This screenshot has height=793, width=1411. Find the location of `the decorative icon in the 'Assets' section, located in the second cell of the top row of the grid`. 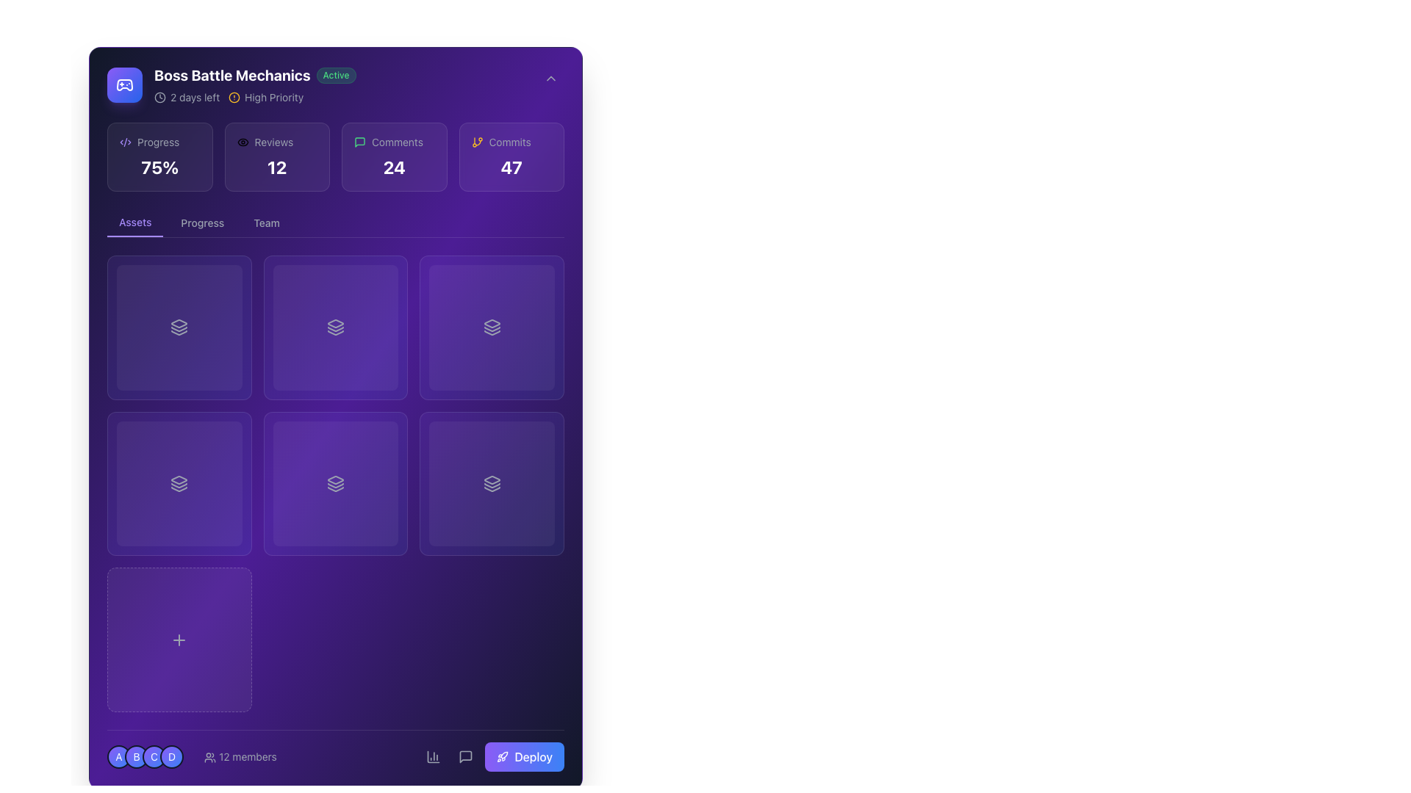

the decorative icon in the 'Assets' section, located in the second cell of the top row of the grid is located at coordinates (334, 327).